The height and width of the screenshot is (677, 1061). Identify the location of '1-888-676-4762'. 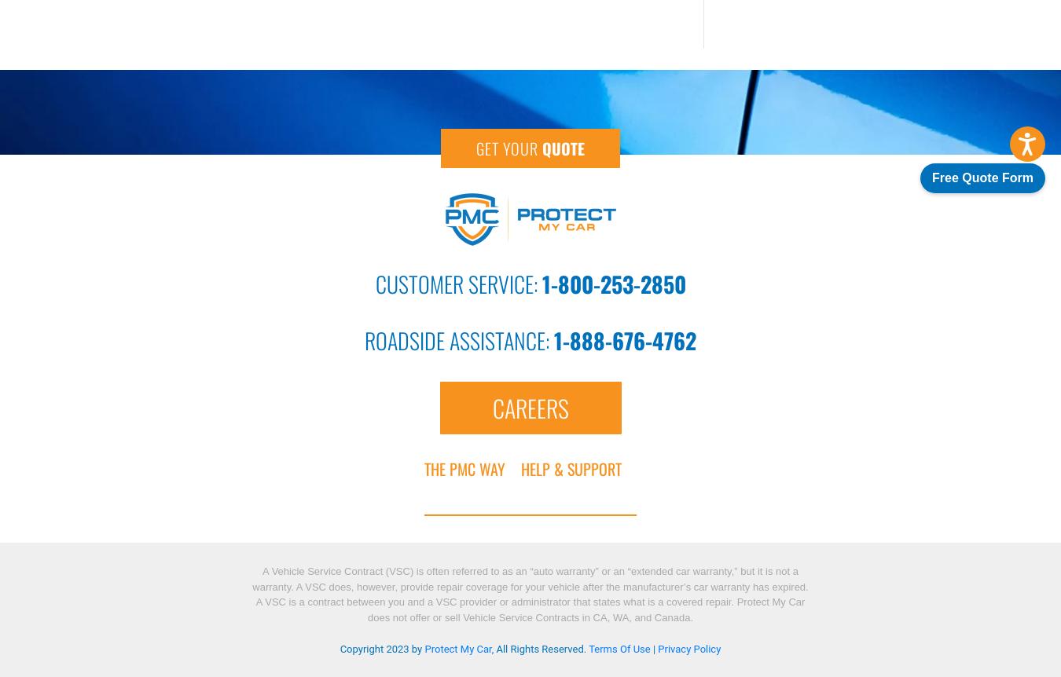
(553, 339).